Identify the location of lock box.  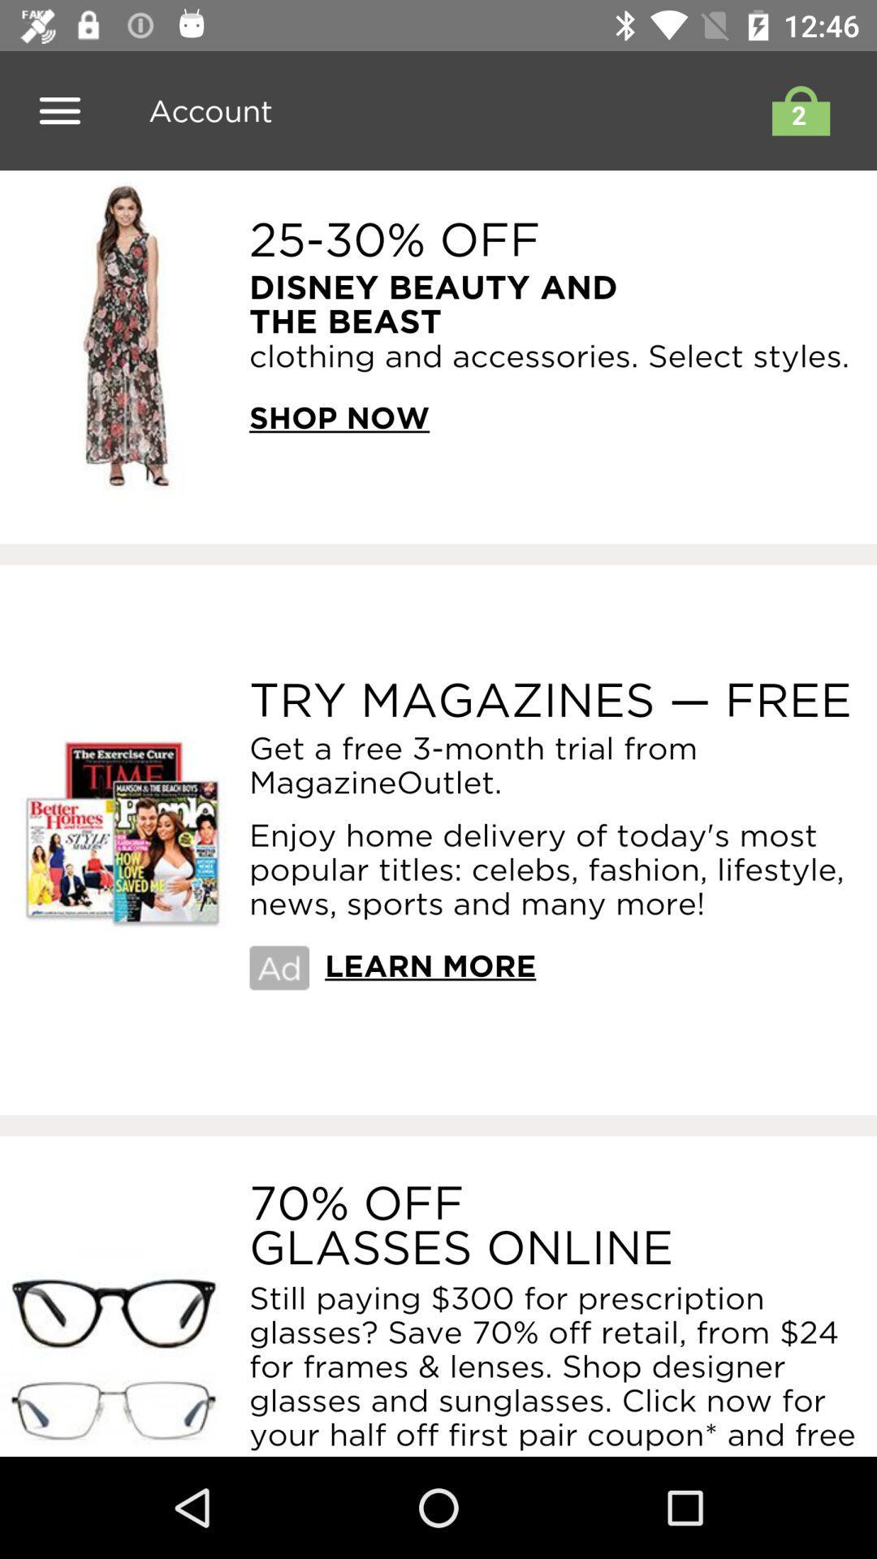
(796, 110).